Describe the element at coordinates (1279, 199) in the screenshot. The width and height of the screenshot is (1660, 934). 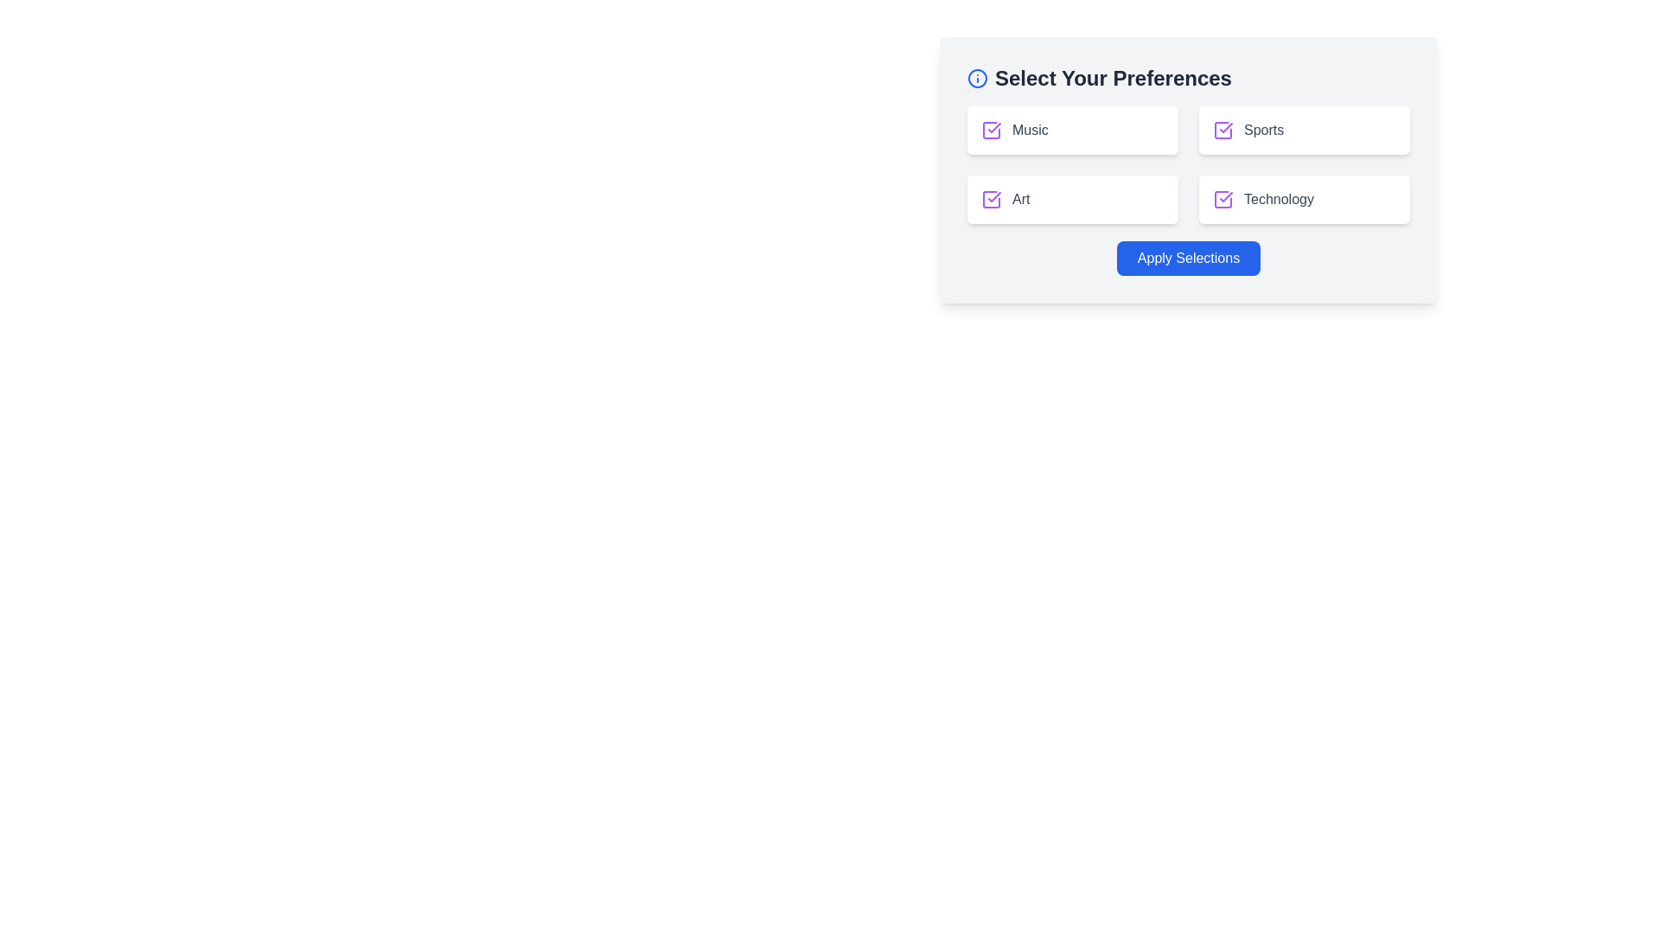
I see `the static text label displaying 'Technology', which is aligned with the adjacent checkbox and icon in the lower-right quadrant of the interface` at that location.